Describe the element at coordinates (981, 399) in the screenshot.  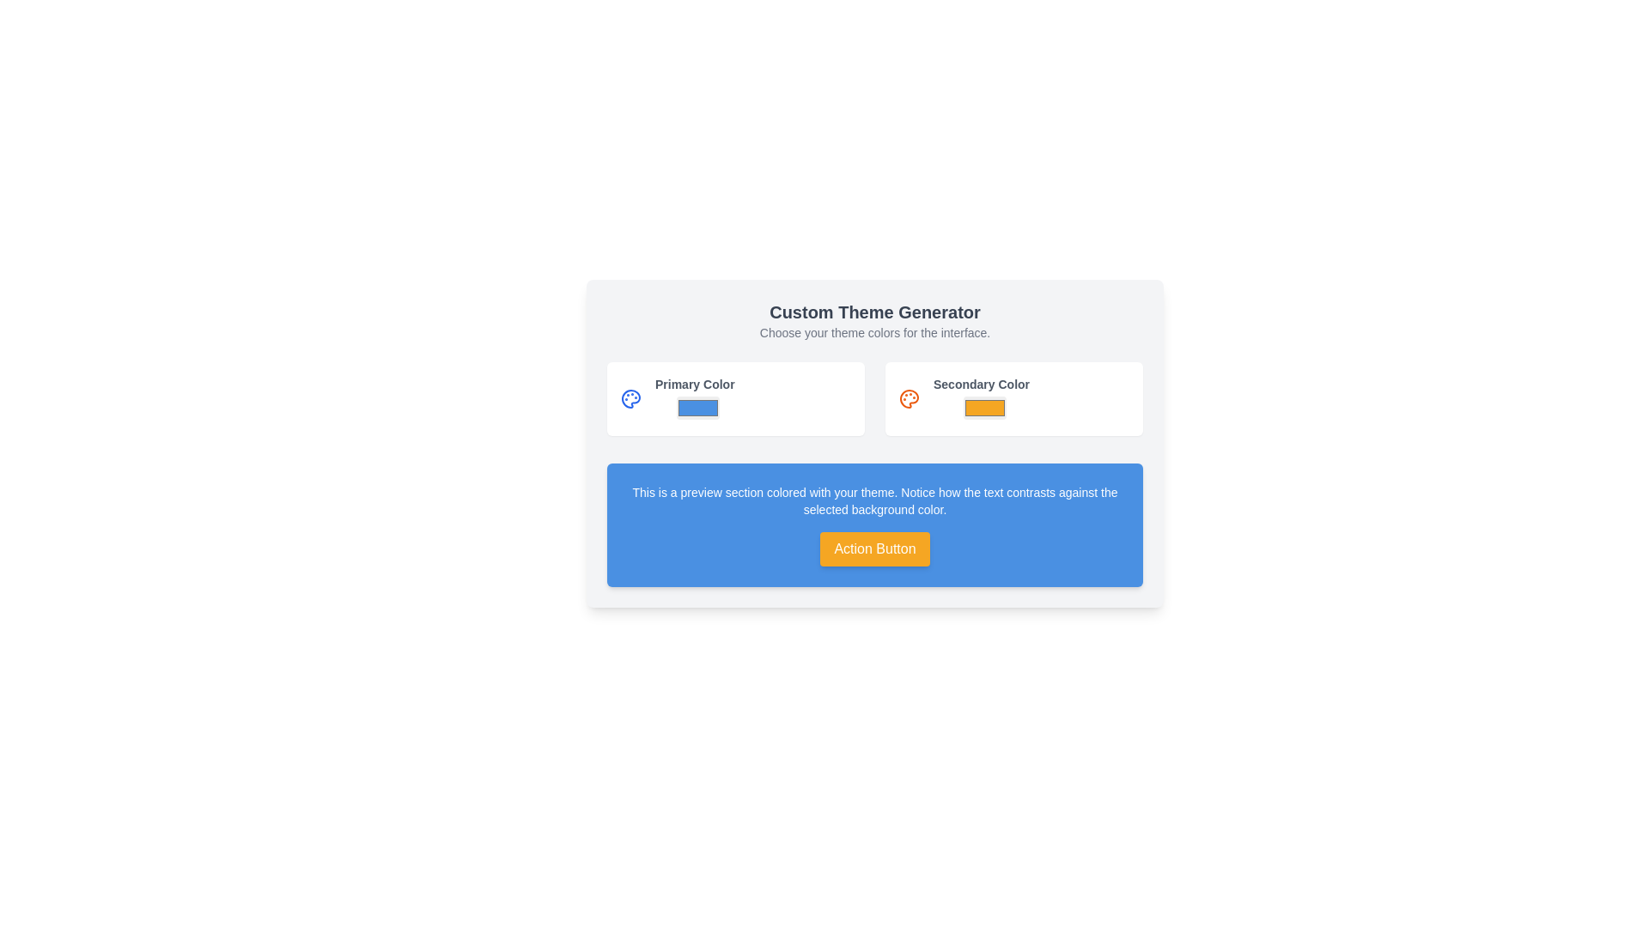
I see `the color picker` at that location.